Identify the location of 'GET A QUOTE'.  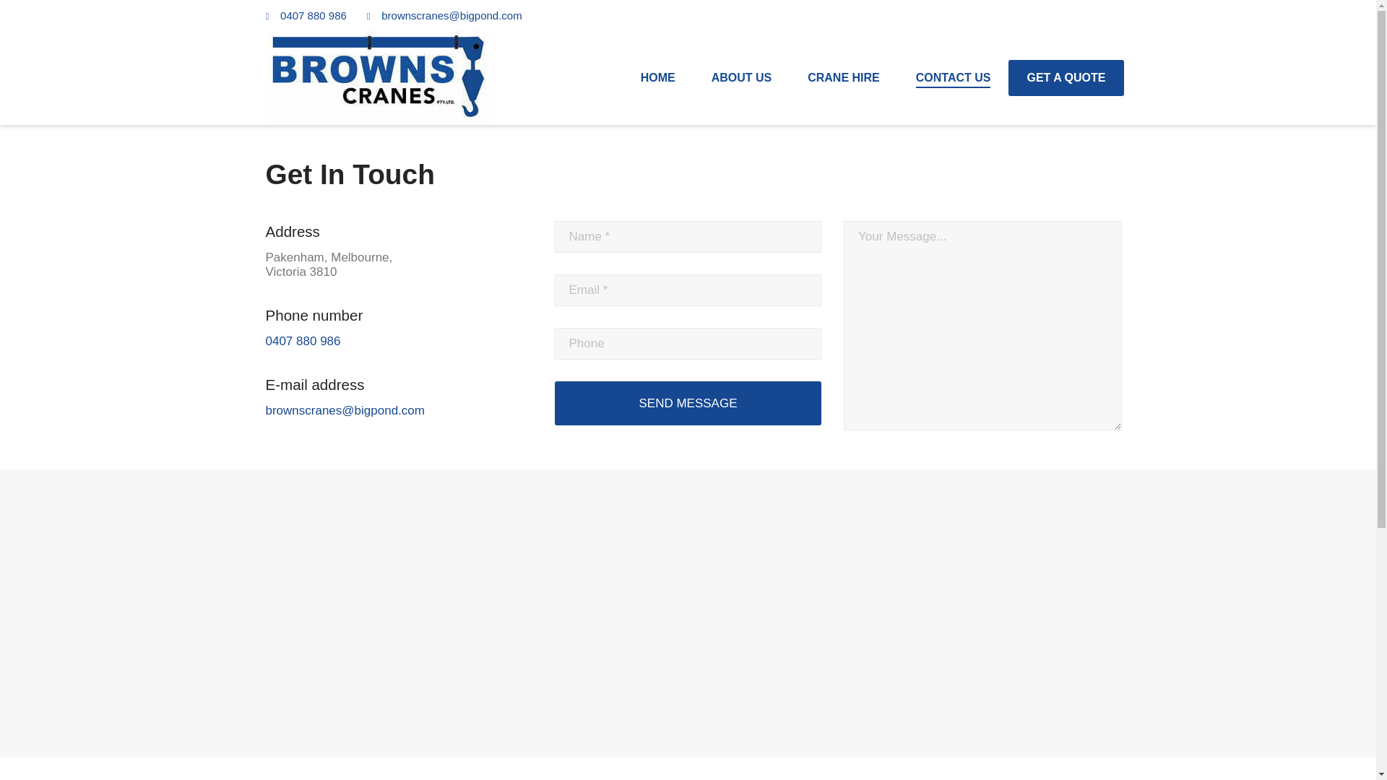
(1066, 78).